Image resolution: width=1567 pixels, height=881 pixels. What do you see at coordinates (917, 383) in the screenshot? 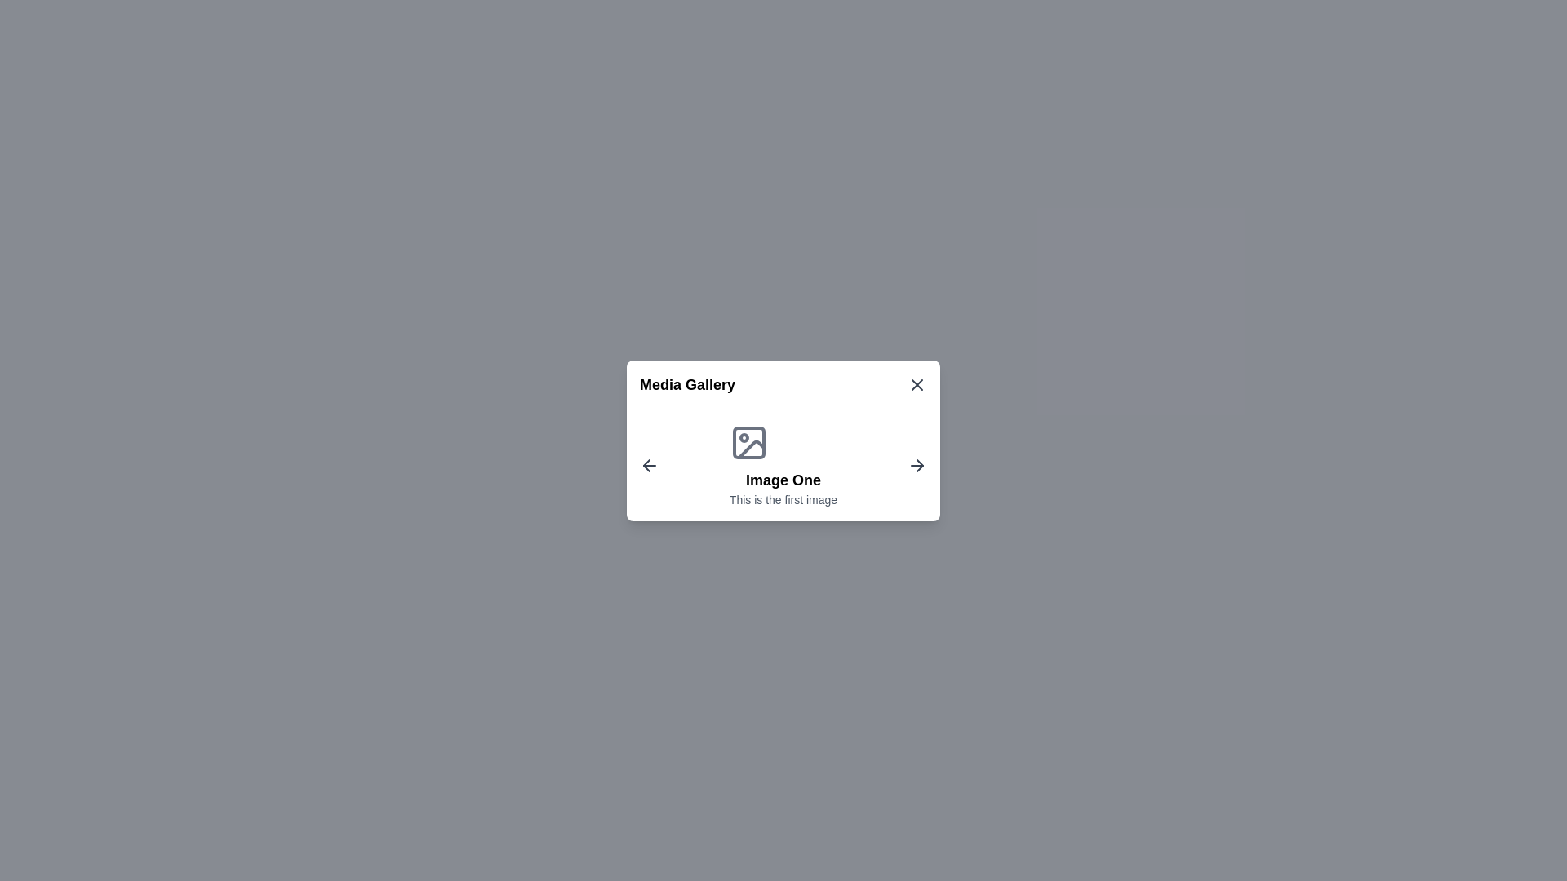
I see `the close button in the top-right corner of the 'Media Gallery' interface` at bounding box center [917, 383].